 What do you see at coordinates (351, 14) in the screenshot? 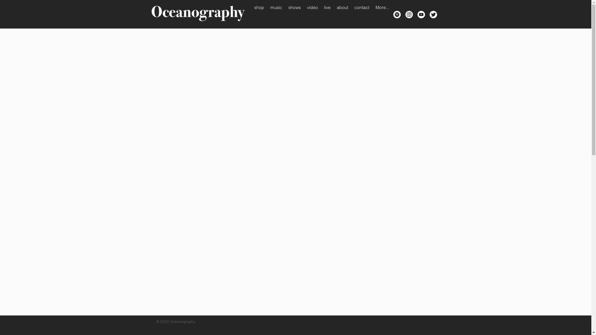
I see `'contact'` at bounding box center [351, 14].